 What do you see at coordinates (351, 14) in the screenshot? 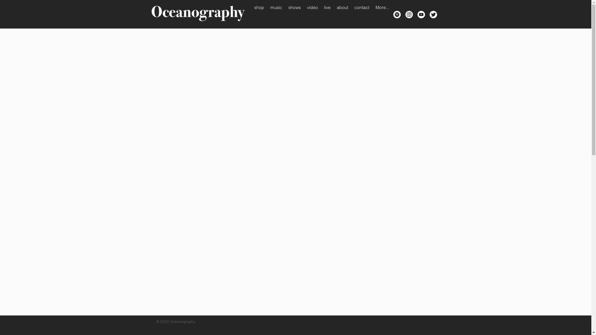
I see `'contact'` at bounding box center [351, 14].